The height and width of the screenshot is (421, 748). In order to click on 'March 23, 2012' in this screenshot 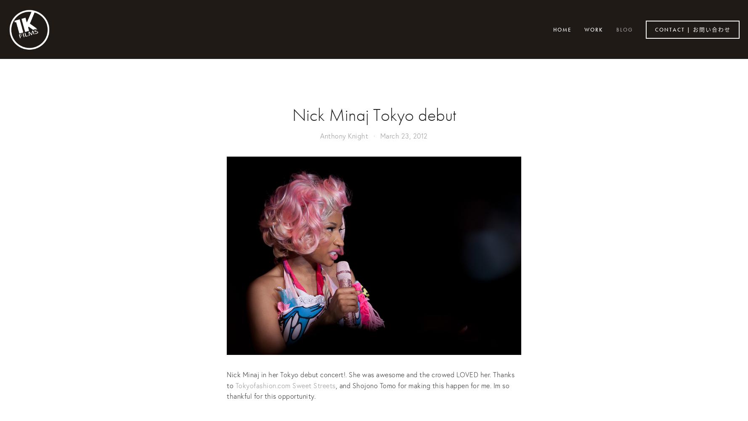, I will do `click(403, 135)`.